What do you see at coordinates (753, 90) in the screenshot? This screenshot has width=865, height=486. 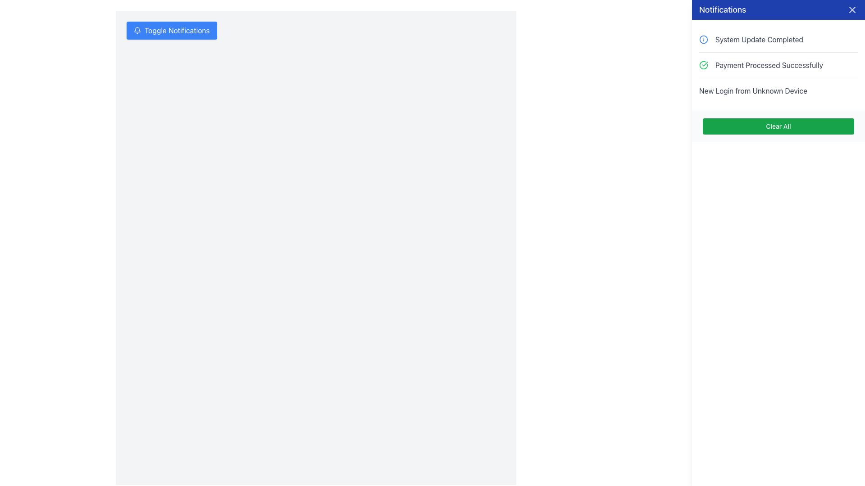 I see `notification text 'New Login from Unknown Device' located in the Notifications panel, which is the third notification in the list` at bounding box center [753, 90].